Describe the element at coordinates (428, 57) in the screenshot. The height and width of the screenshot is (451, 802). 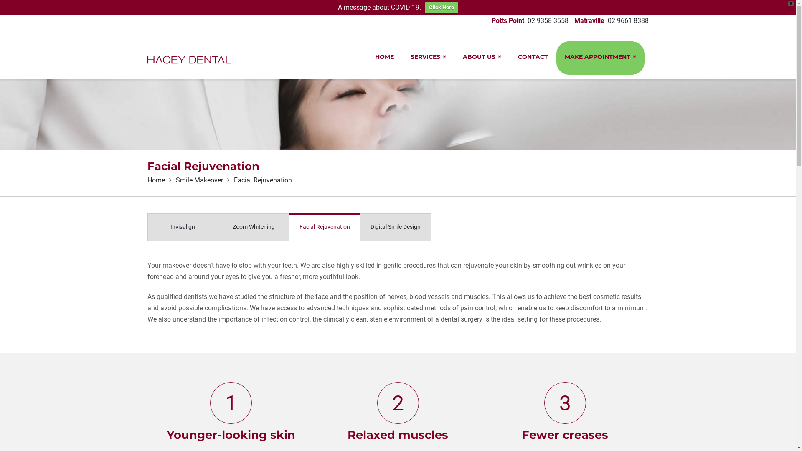
I see `'SERVICES'` at that location.